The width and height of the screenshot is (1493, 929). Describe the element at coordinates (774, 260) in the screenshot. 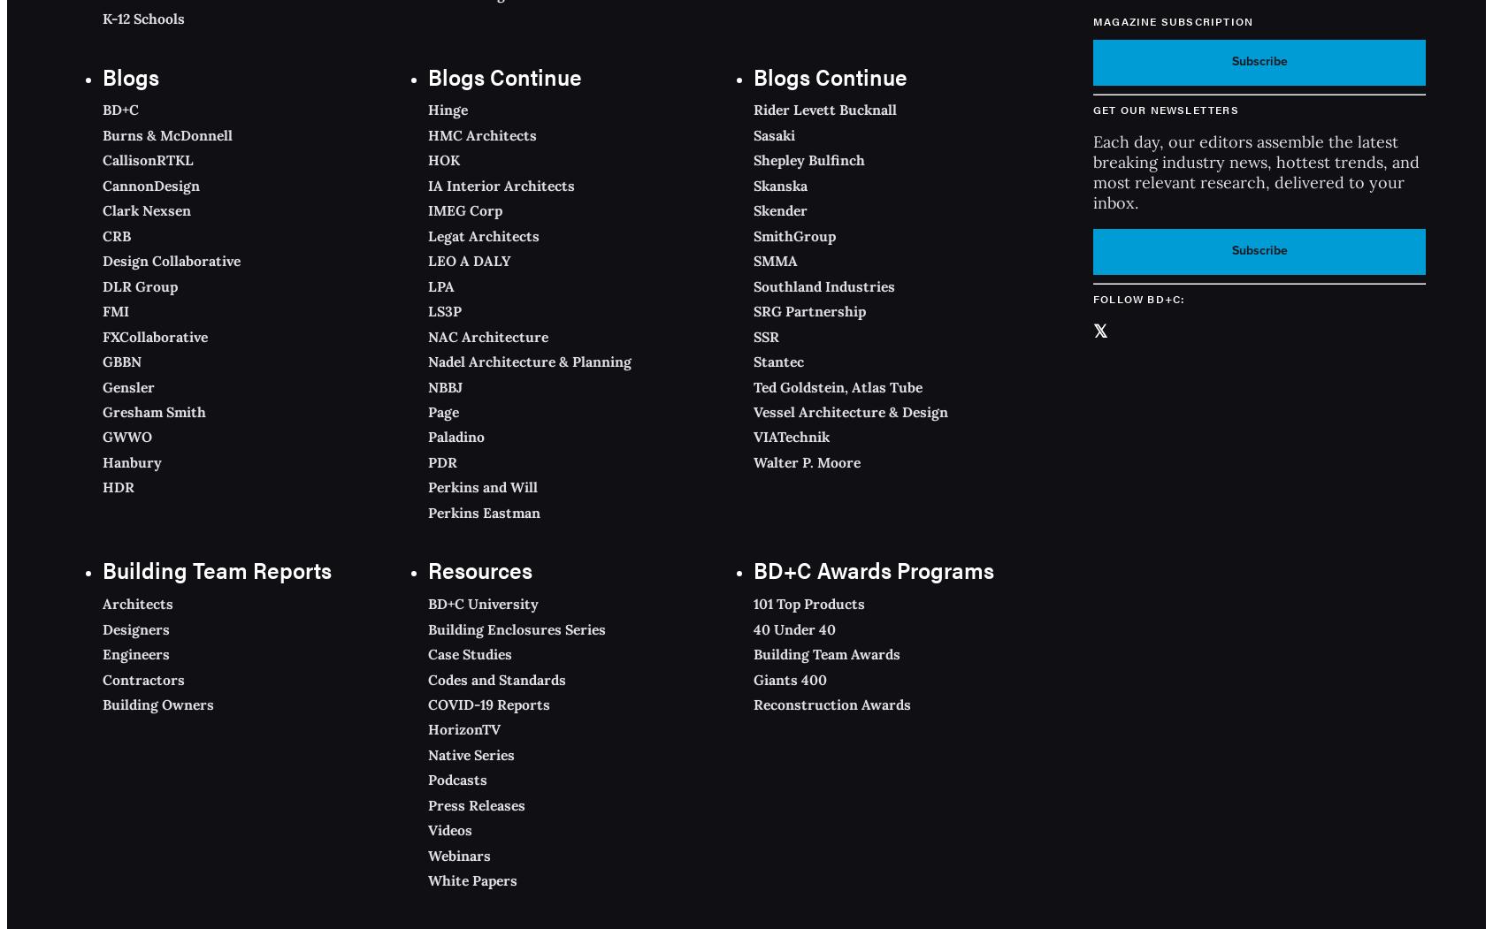

I see `'SMMA'` at that location.